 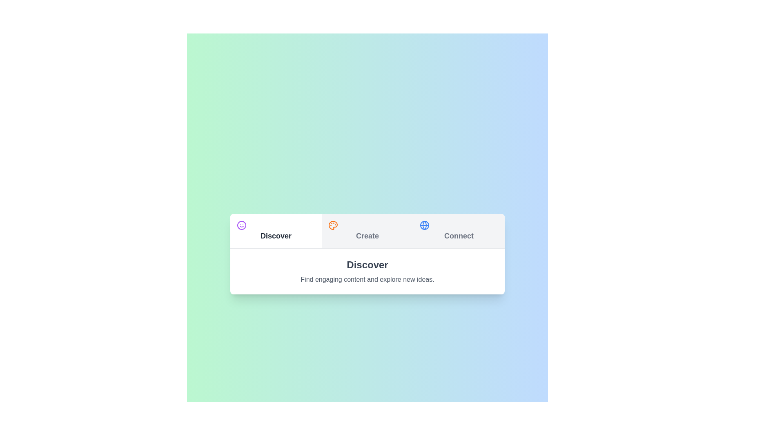 What do you see at coordinates (459, 231) in the screenshot?
I see `the Connect tab to switch content` at bounding box center [459, 231].